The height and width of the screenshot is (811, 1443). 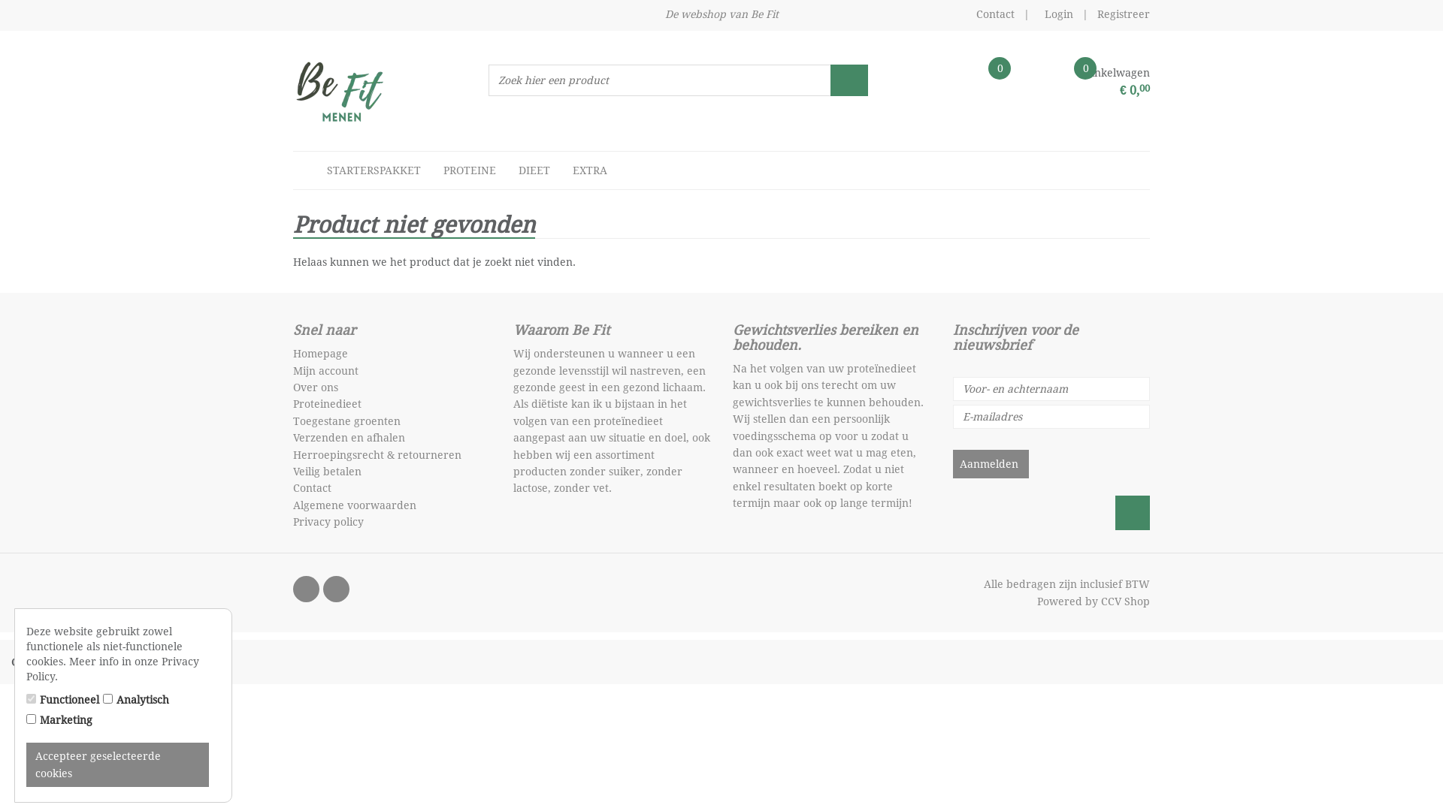 I want to click on 'Contact', so click(x=995, y=14).